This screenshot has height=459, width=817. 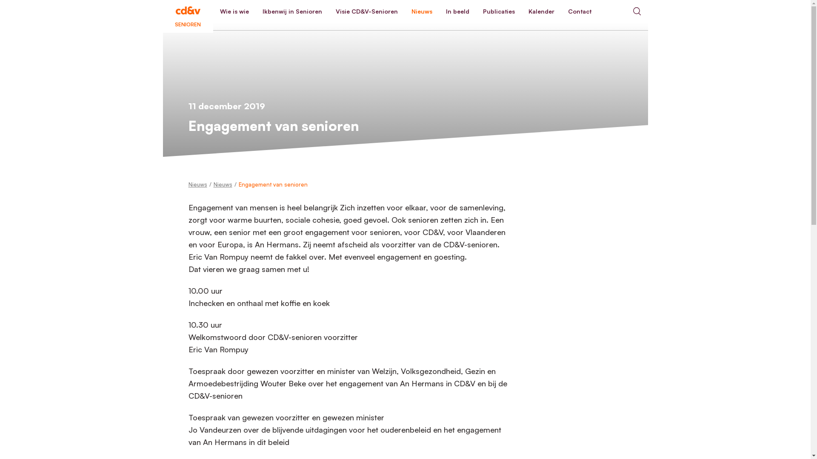 What do you see at coordinates (234, 11) in the screenshot?
I see `'Wie is wie'` at bounding box center [234, 11].